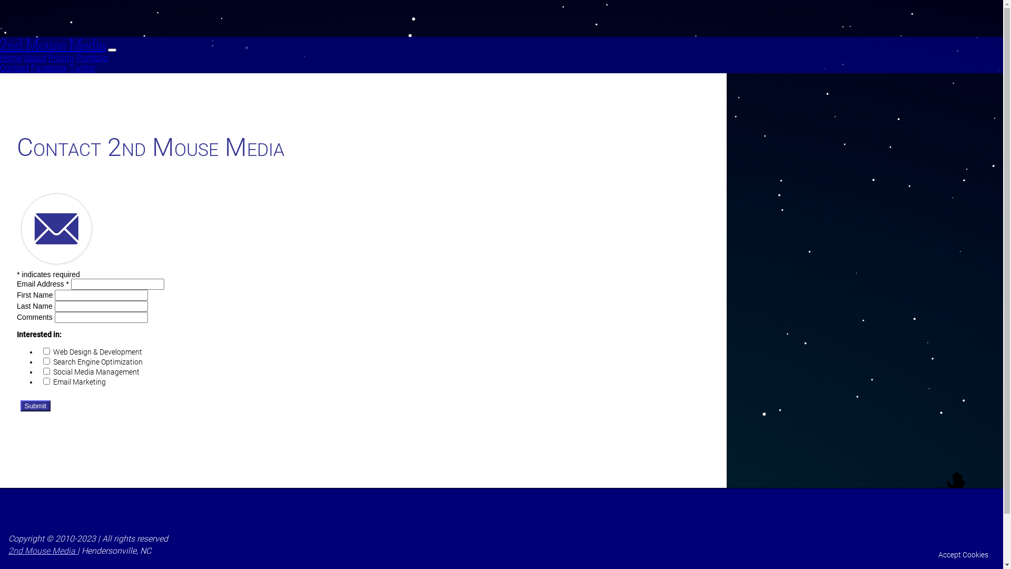 The height and width of the screenshot is (569, 1011). What do you see at coordinates (14, 68) in the screenshot?
I see `'Contact'` at bounding box center [14, 68].